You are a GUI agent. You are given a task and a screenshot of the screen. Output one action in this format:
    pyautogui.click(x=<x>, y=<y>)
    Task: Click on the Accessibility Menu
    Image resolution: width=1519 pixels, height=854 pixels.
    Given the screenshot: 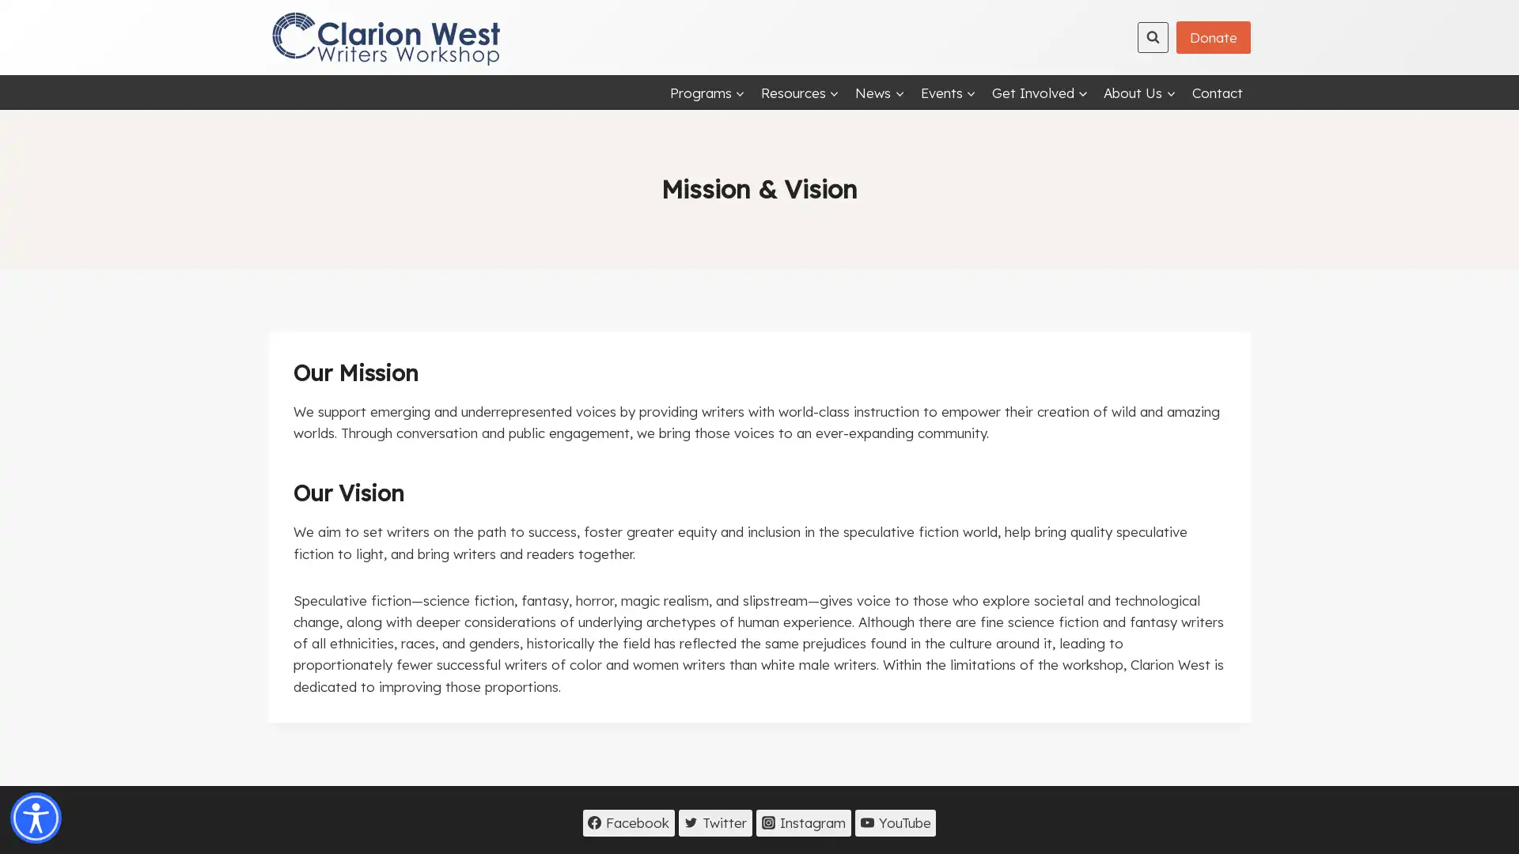 What is the action you would take?
    pyautogui.click(x=36, y=818)
    